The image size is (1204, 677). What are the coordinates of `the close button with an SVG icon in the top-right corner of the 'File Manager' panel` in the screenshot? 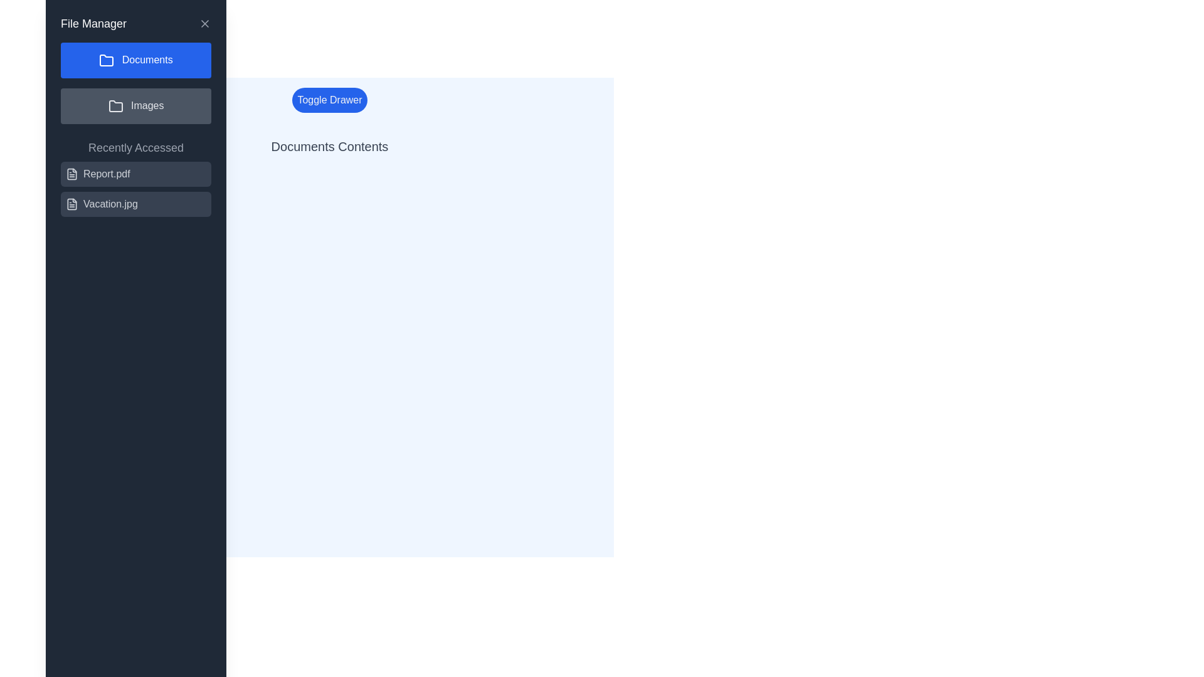 It's located at (204, 24).